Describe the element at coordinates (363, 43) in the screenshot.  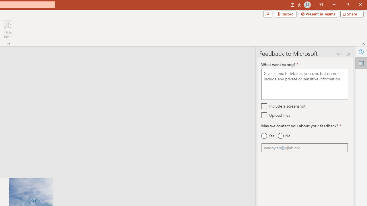
I see `'Collapse the Ribbon'` at that location.